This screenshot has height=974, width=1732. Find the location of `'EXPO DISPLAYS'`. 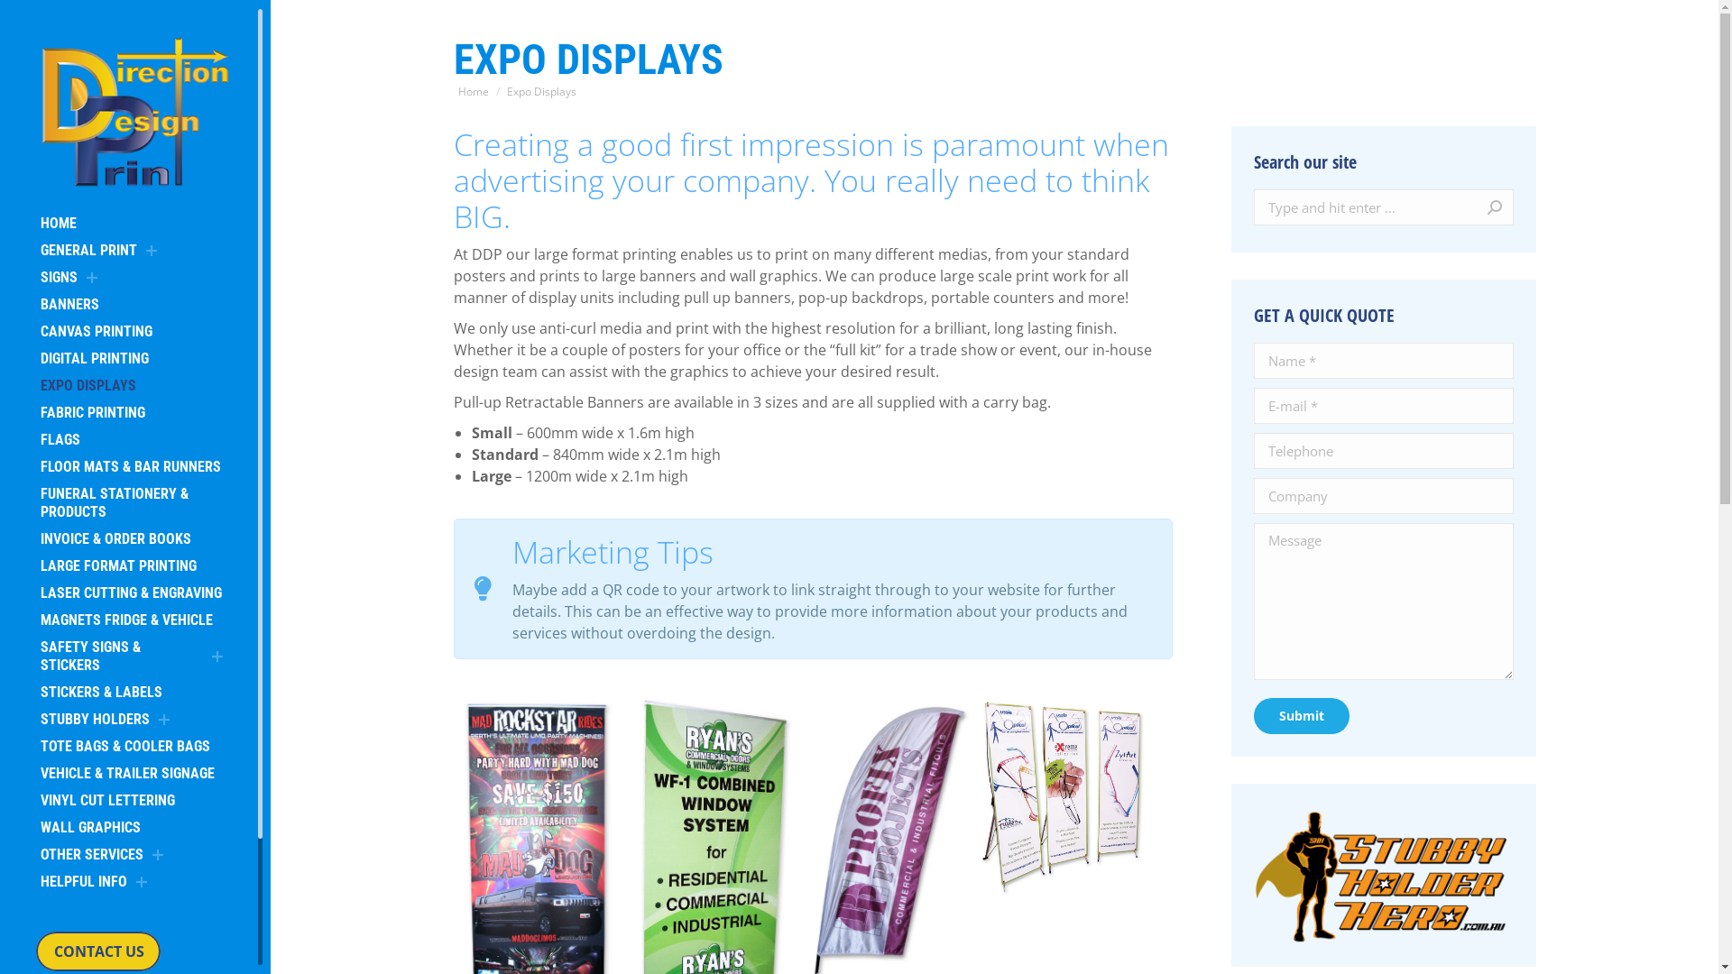

'EXPO DISPLAYS' is located at coordinates (87, 385).